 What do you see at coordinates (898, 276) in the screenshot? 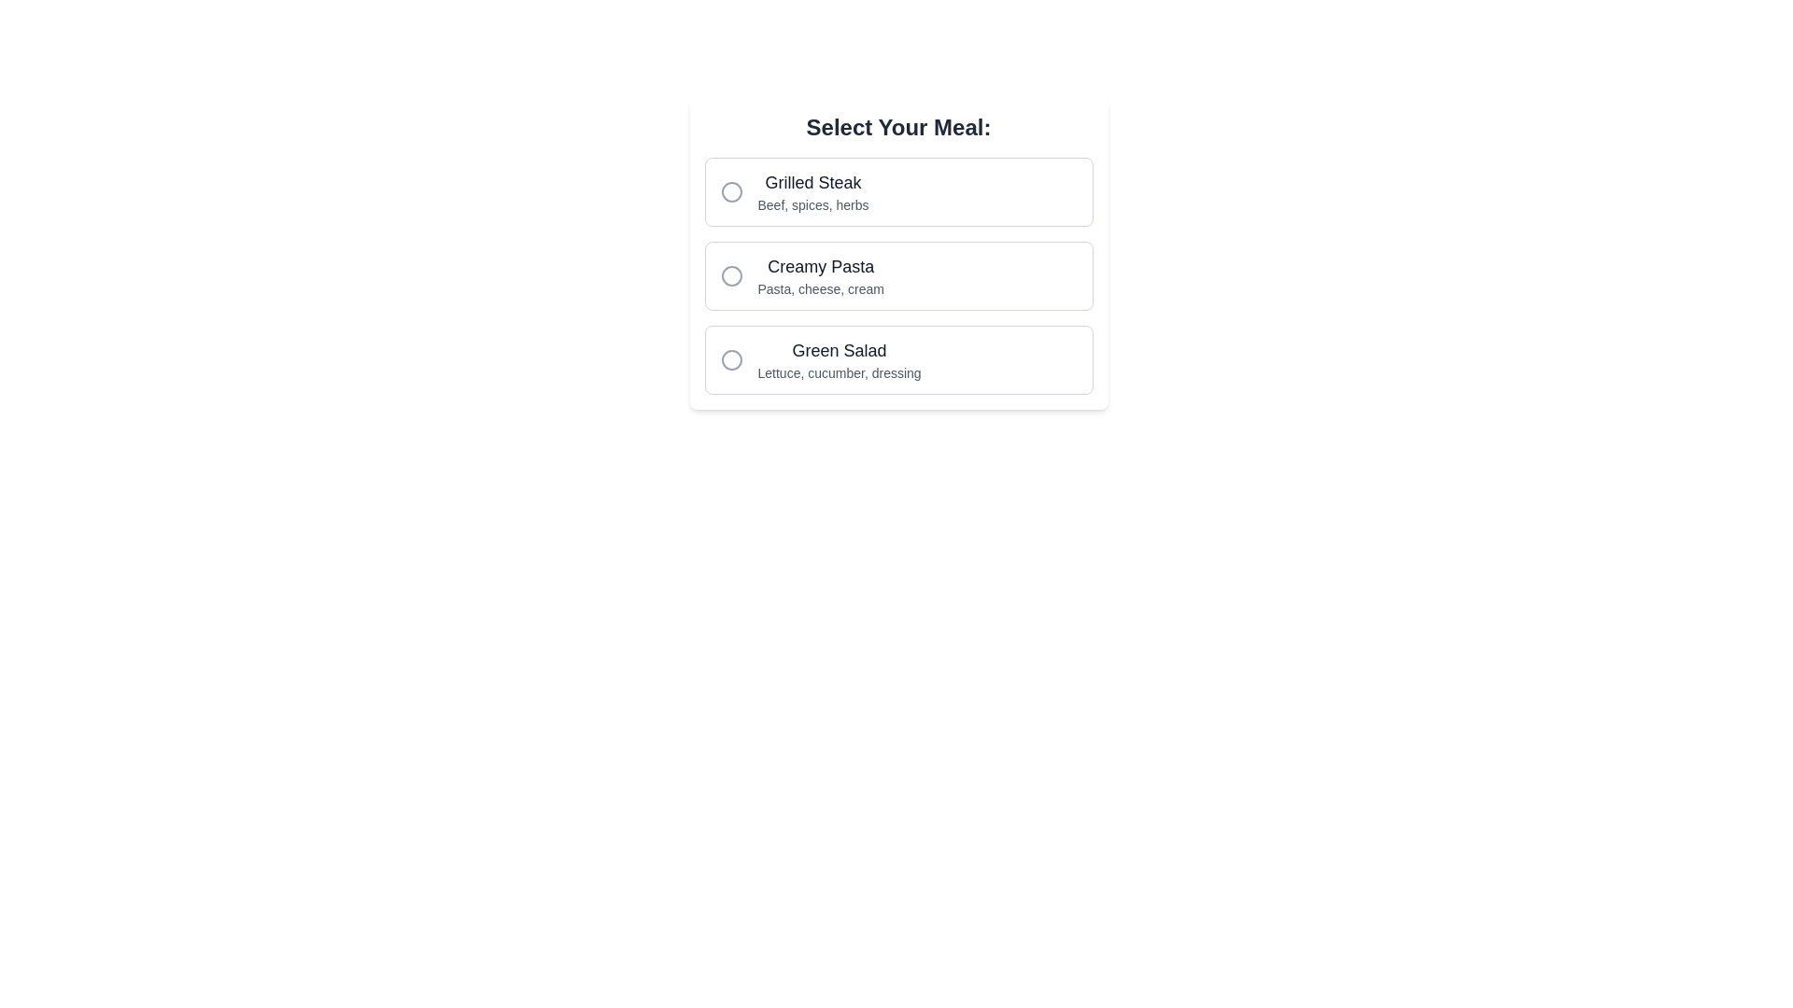
I see `to select one of the meal options from the List of Radio Button Items titled 'Select Your Meal:' which includes 'Grilled Steak,' 'Creamy Pasta,' and 'Green Salad.'` at bounding box center [898, 276].